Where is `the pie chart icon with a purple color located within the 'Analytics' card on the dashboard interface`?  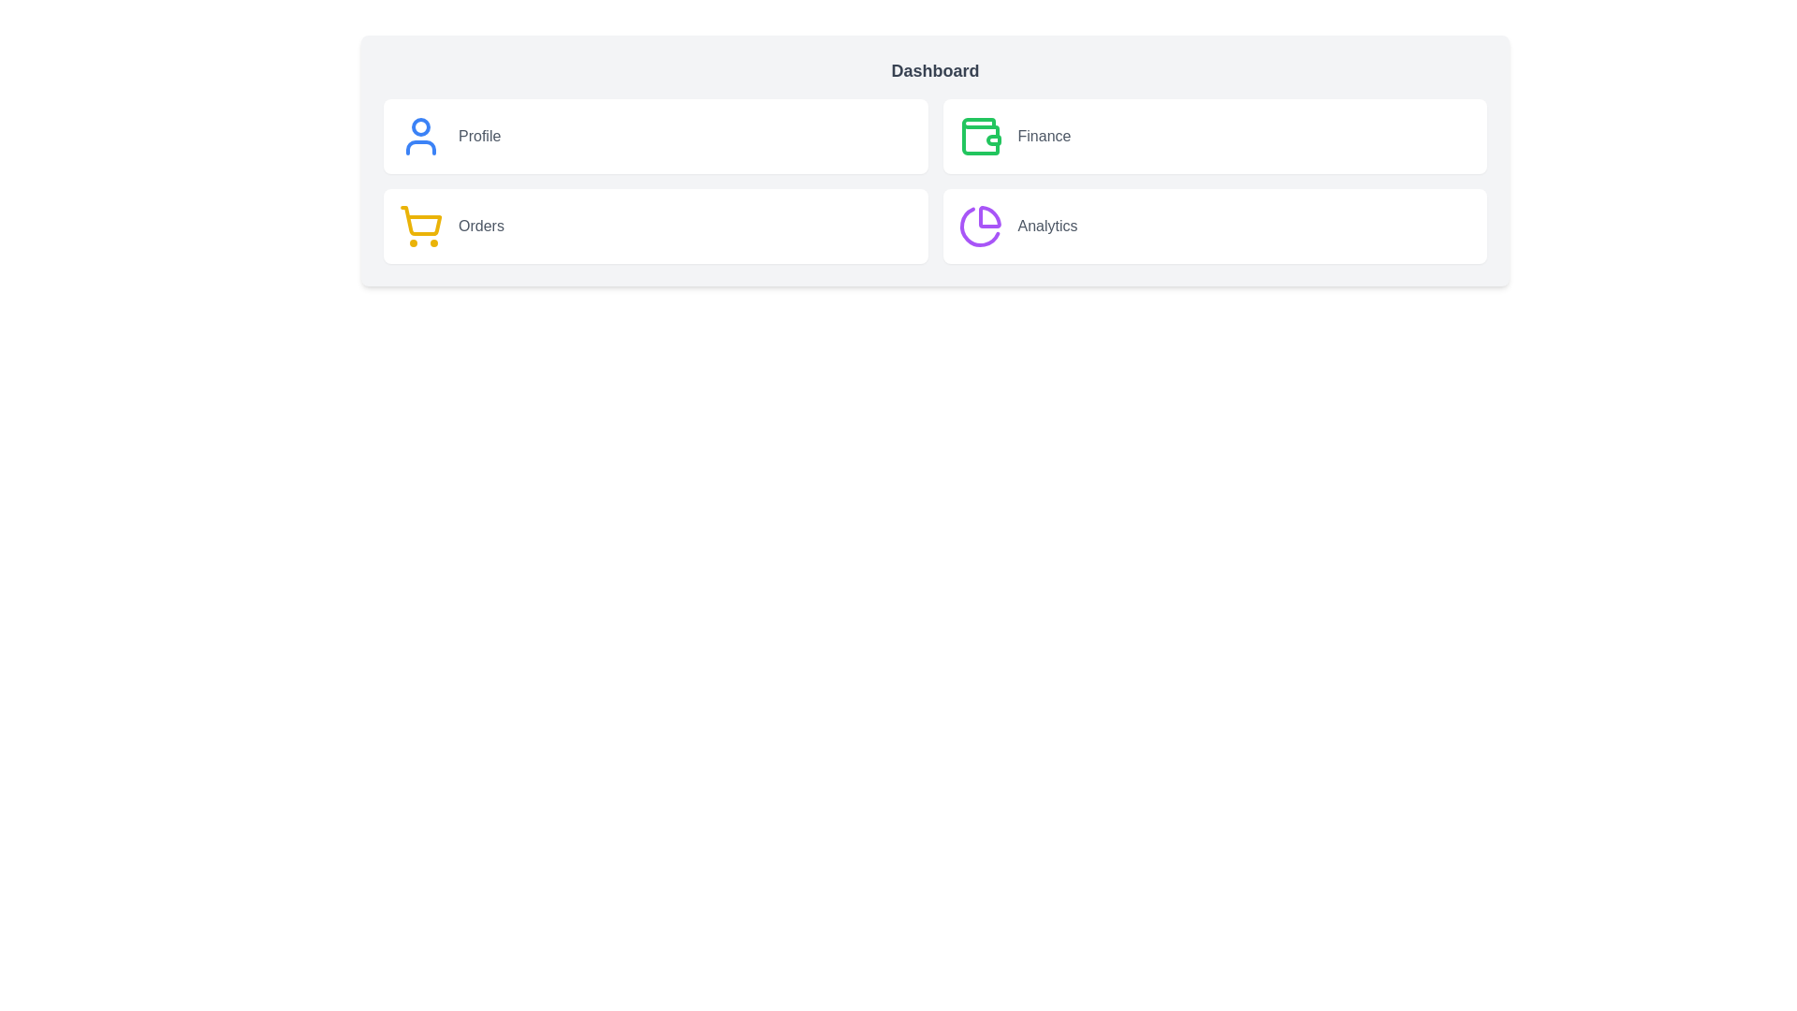
the pie chart icon with a purple color located within the 'Analytics' card on the dashboard interface is located at coordinates (979, 226).